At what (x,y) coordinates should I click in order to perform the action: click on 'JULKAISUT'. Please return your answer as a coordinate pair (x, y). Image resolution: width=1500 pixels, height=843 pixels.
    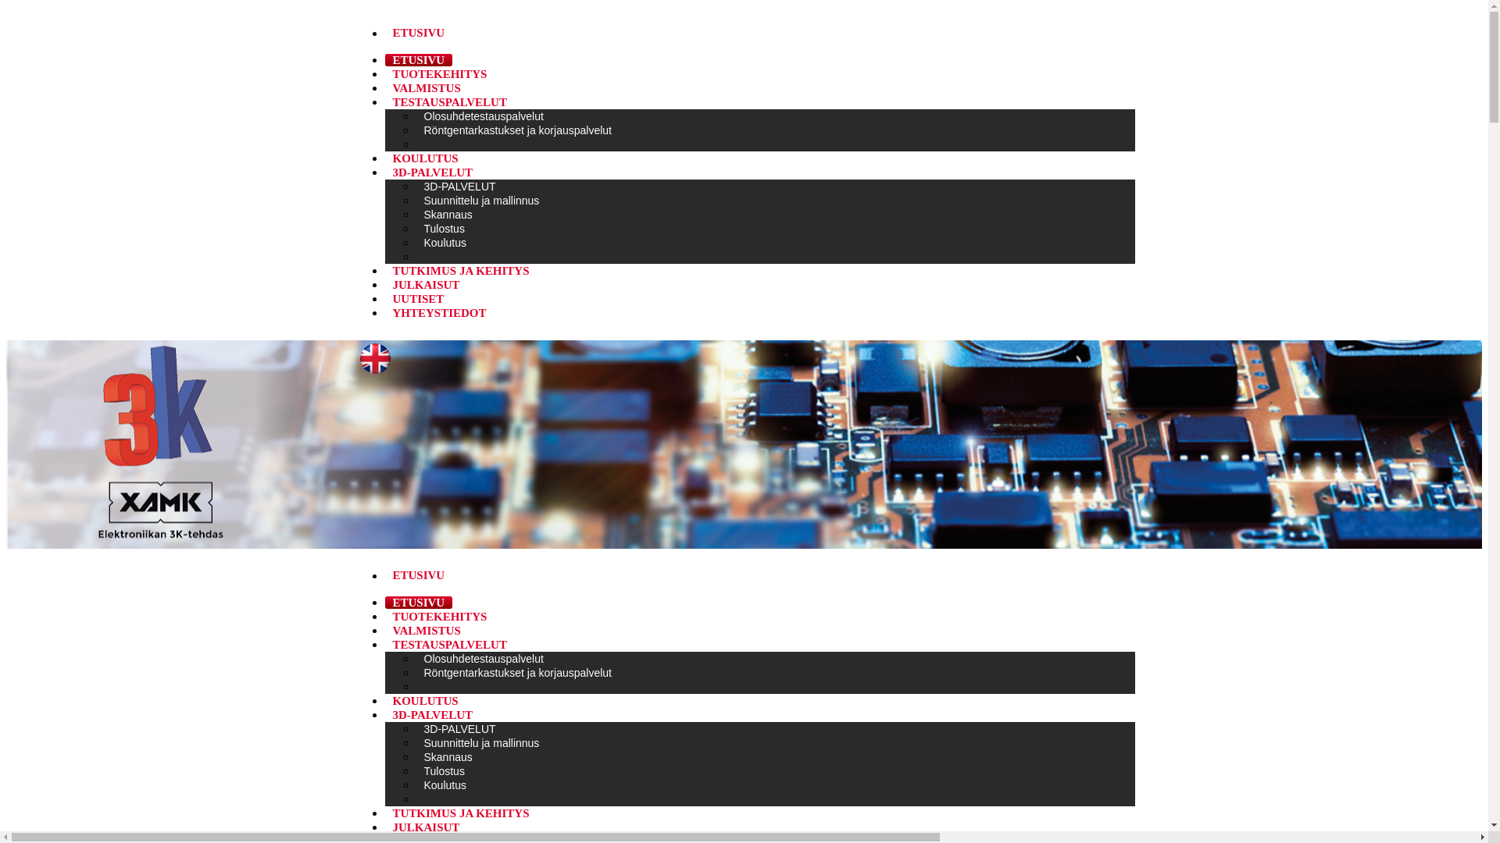
    Looking at the image, I should click on (426, 827).